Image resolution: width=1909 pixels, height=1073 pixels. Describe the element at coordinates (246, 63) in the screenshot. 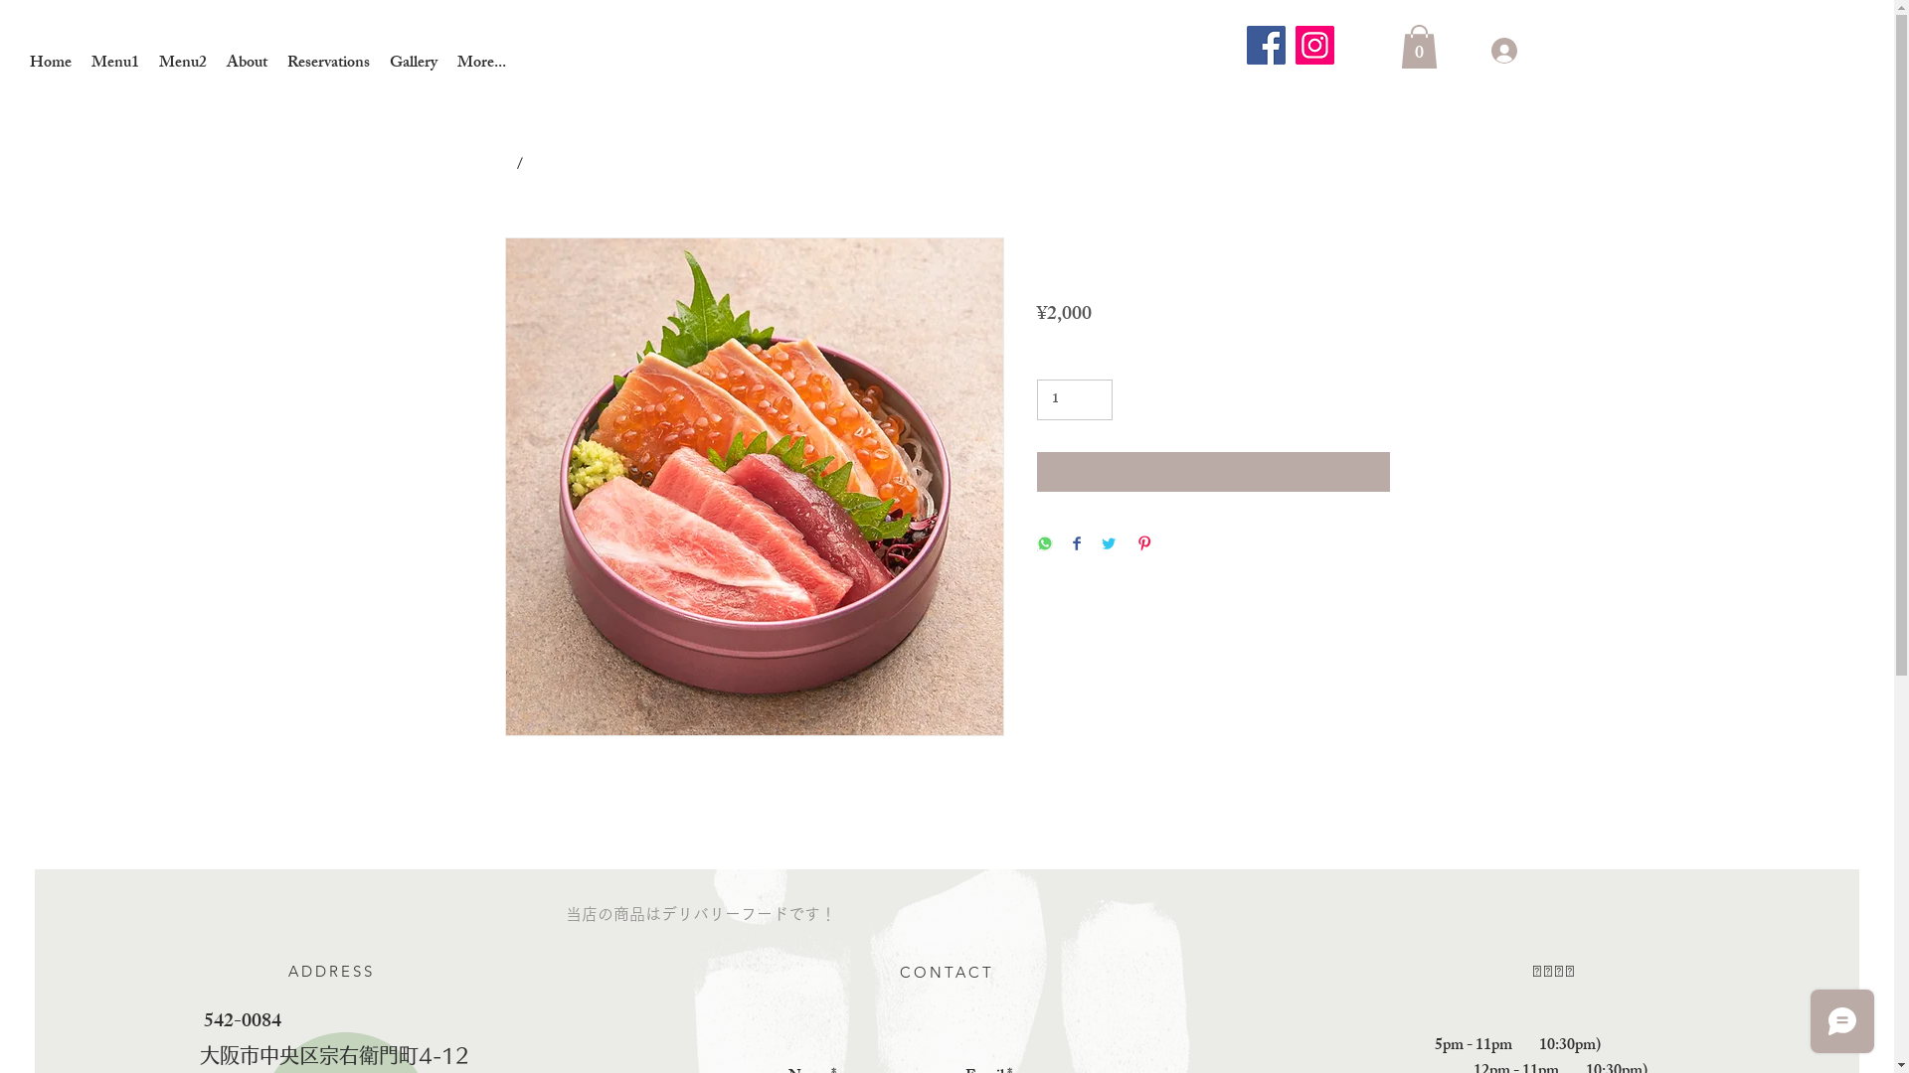

I see `'About'` at that location.